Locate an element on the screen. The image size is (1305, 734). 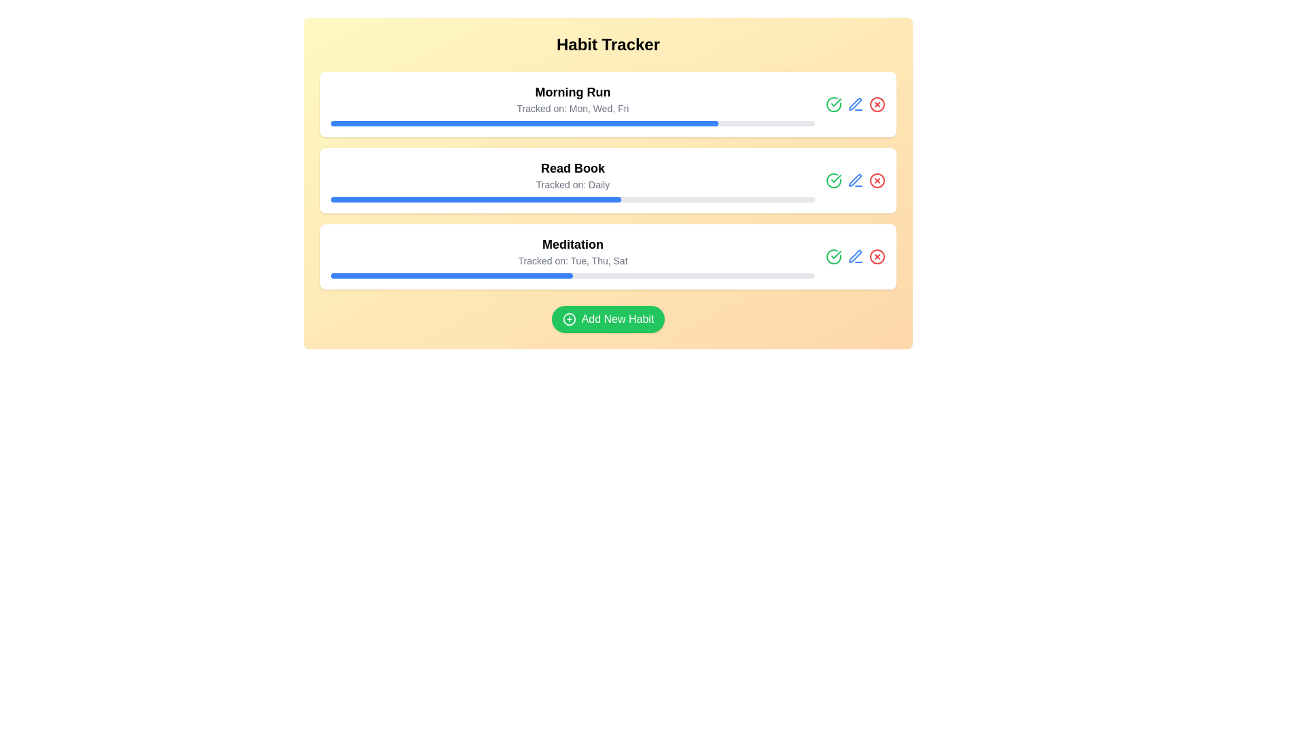
the progress bar is located at coordinates (516, 199).